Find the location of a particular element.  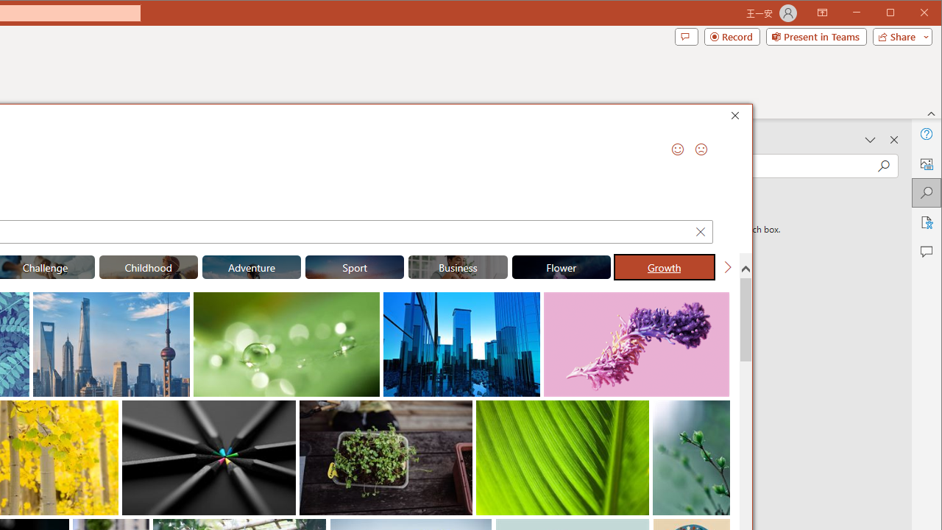

'Maximize' is located at coordinates (911, 14).